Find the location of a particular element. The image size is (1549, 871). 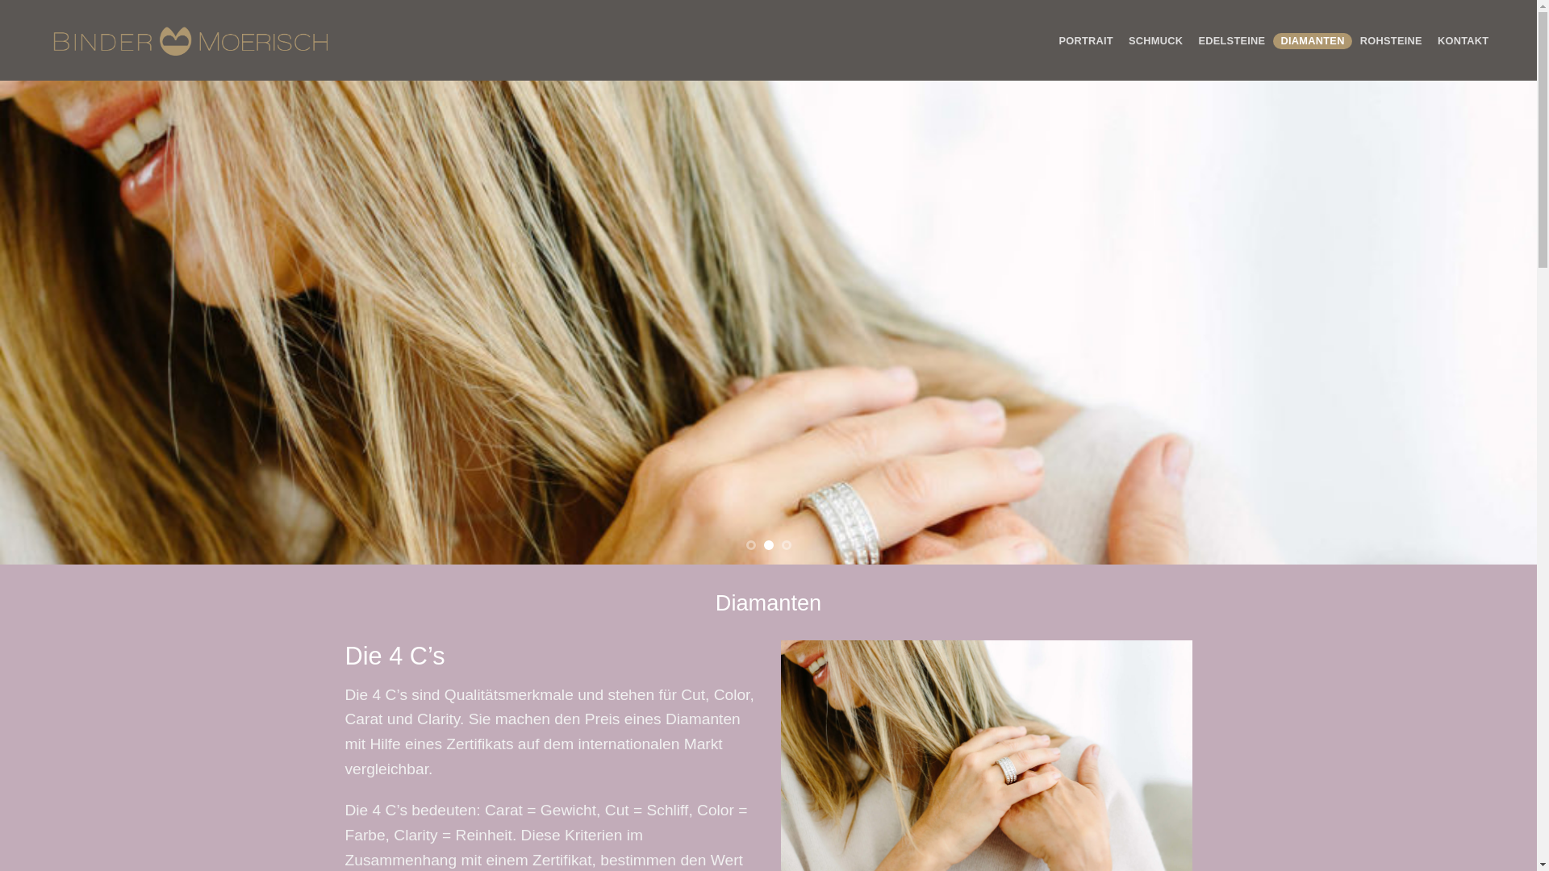

'SCHMUCK' is located at coordinates (1154, 40).